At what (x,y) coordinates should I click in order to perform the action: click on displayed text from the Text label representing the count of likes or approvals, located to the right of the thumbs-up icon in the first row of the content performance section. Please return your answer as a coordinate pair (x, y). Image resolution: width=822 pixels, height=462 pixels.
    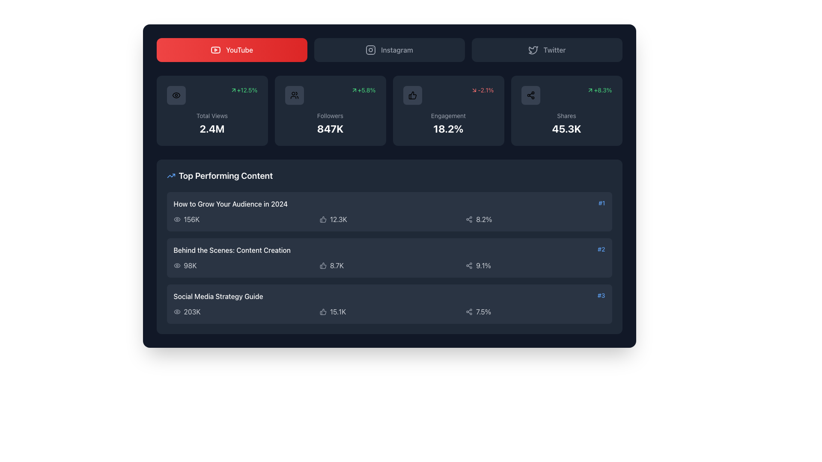
    Looking at the image, I should click on (338, 219).